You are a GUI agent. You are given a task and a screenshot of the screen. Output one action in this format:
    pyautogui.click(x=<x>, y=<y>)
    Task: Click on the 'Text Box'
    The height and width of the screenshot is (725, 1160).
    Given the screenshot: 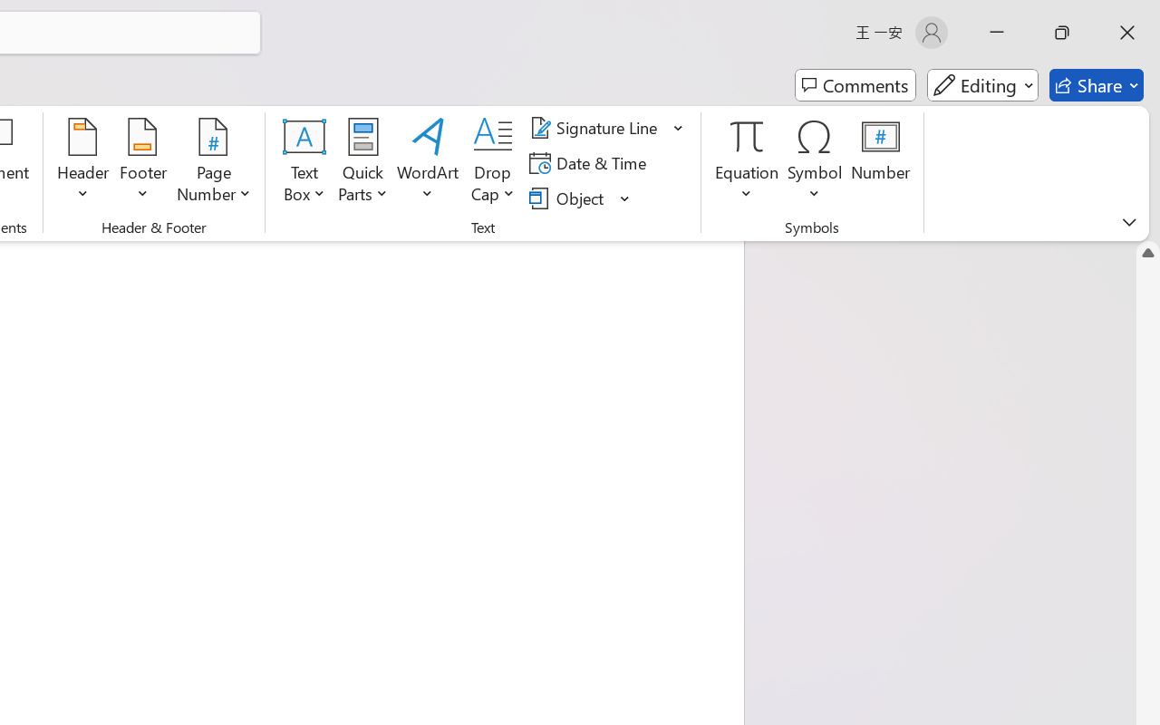 What is the action you would take?
    pyautogui.click(x=304, y=162)
    